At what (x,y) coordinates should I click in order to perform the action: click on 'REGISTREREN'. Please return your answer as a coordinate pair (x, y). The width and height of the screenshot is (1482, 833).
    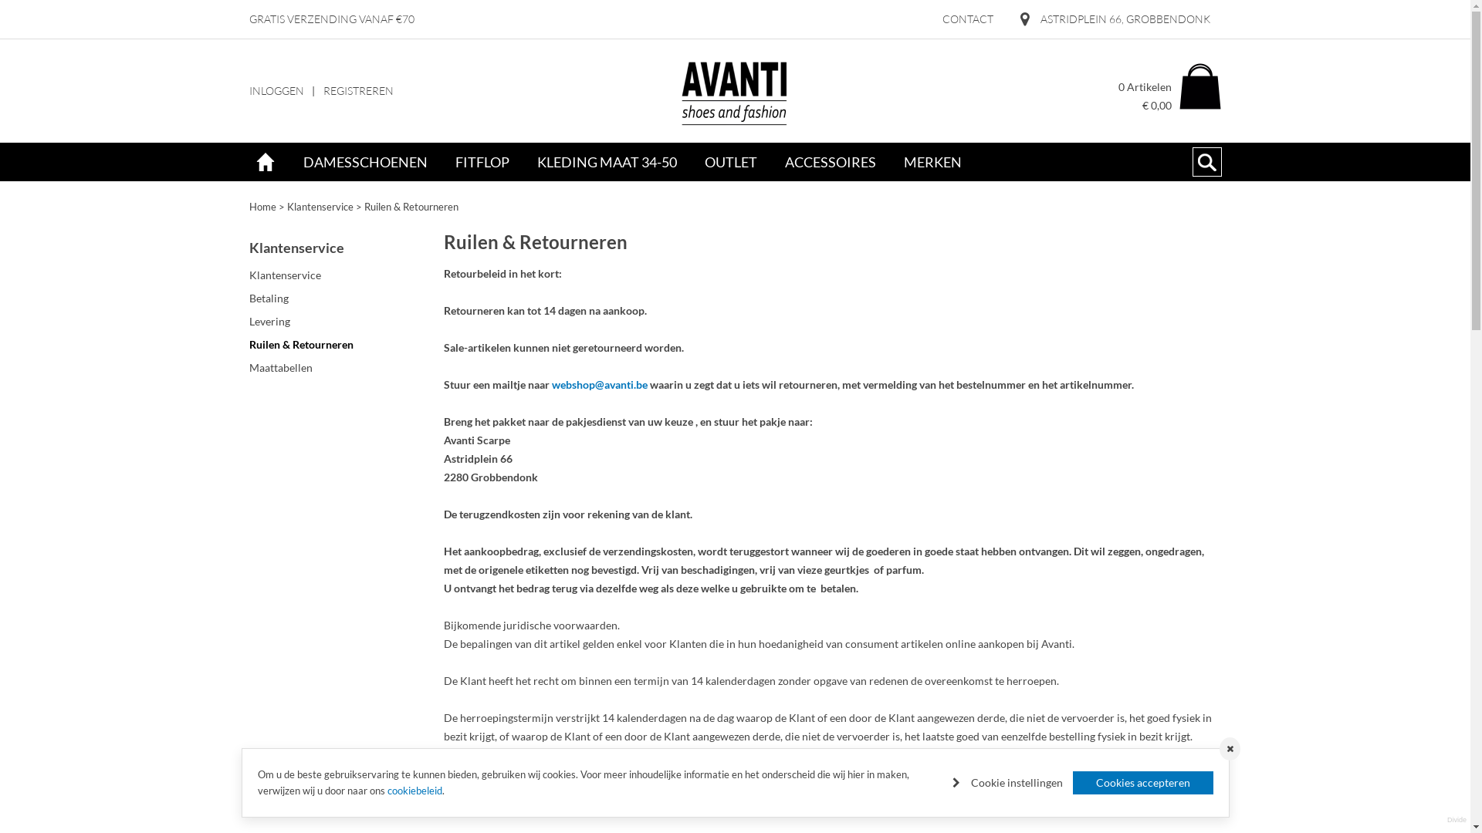
    Looking at the image, I should click on (357, 91).